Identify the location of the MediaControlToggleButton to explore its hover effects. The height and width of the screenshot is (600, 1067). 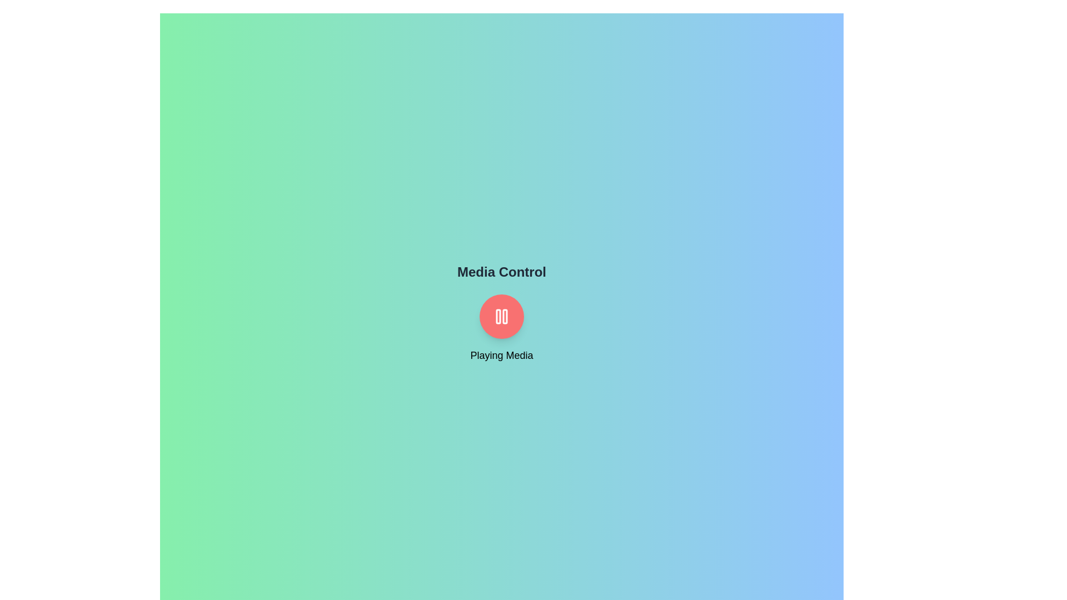
(501, 317).